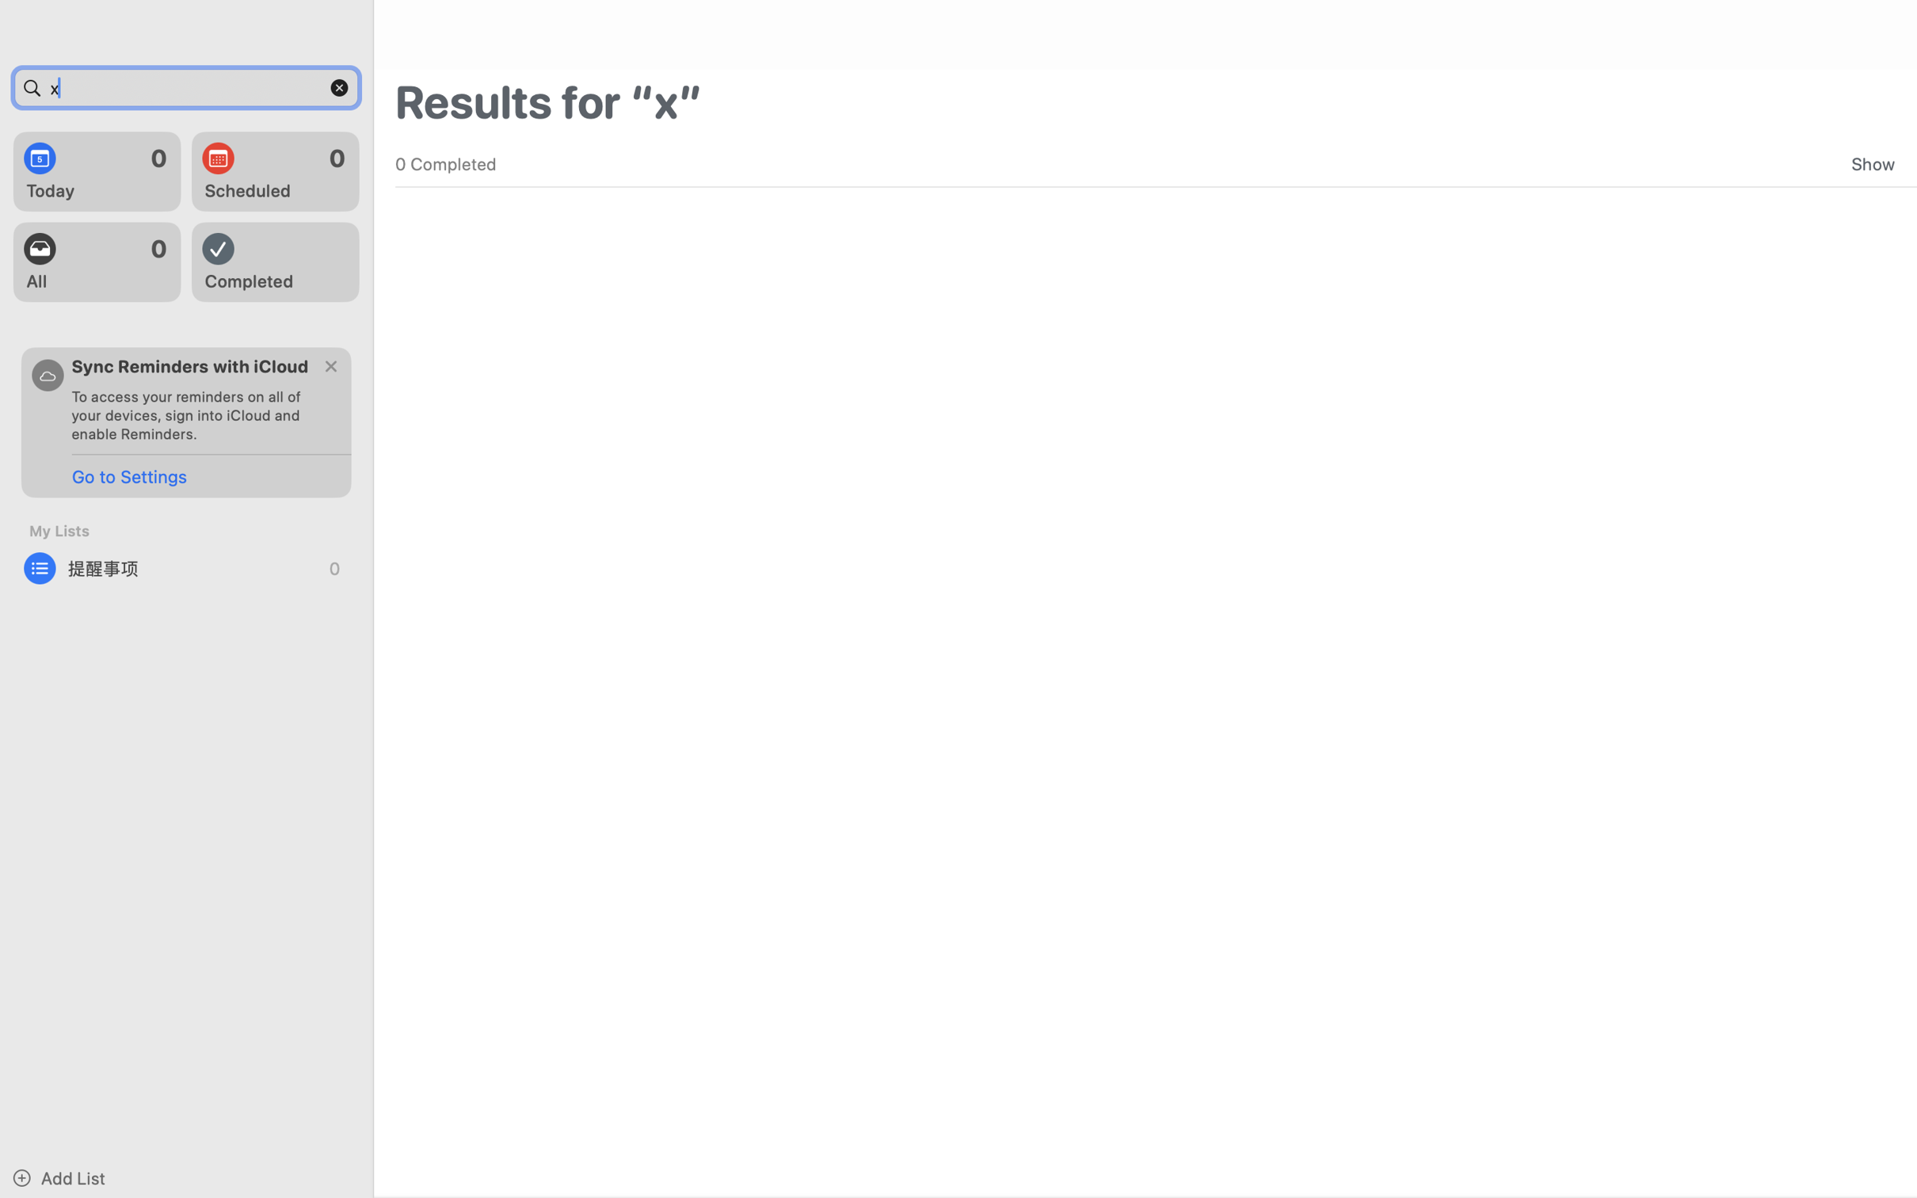 The width and height of the screenshot is (1917, 1198). What do you see at coordinates (185, 86) in the screenshot?
I see `'x'` at bounding box center [185, 86].